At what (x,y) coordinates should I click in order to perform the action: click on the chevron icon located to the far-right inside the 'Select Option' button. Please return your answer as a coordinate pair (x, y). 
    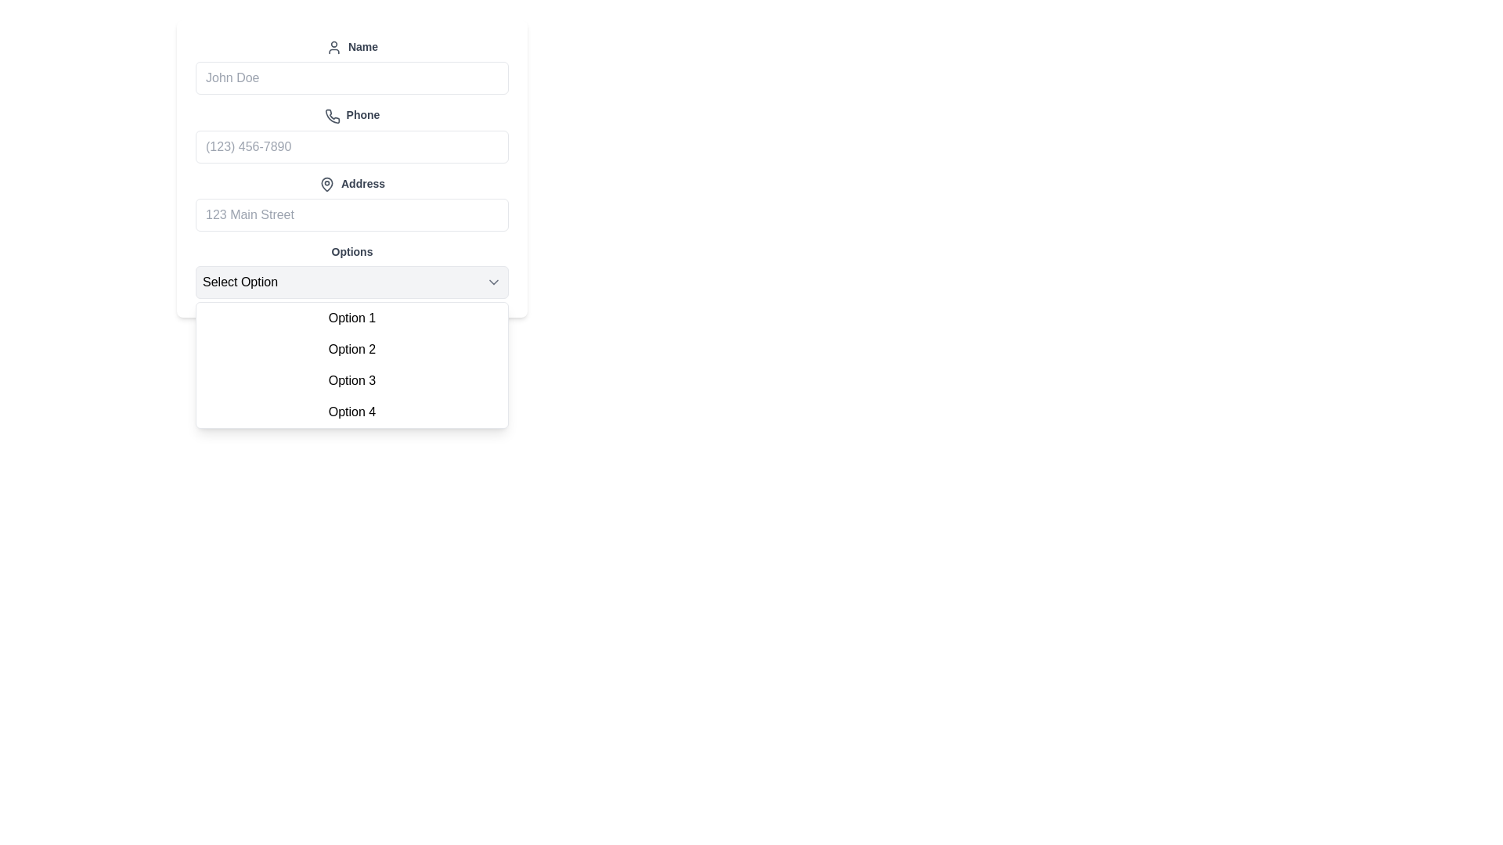
    Looking at the image, I should click on (492, 280).